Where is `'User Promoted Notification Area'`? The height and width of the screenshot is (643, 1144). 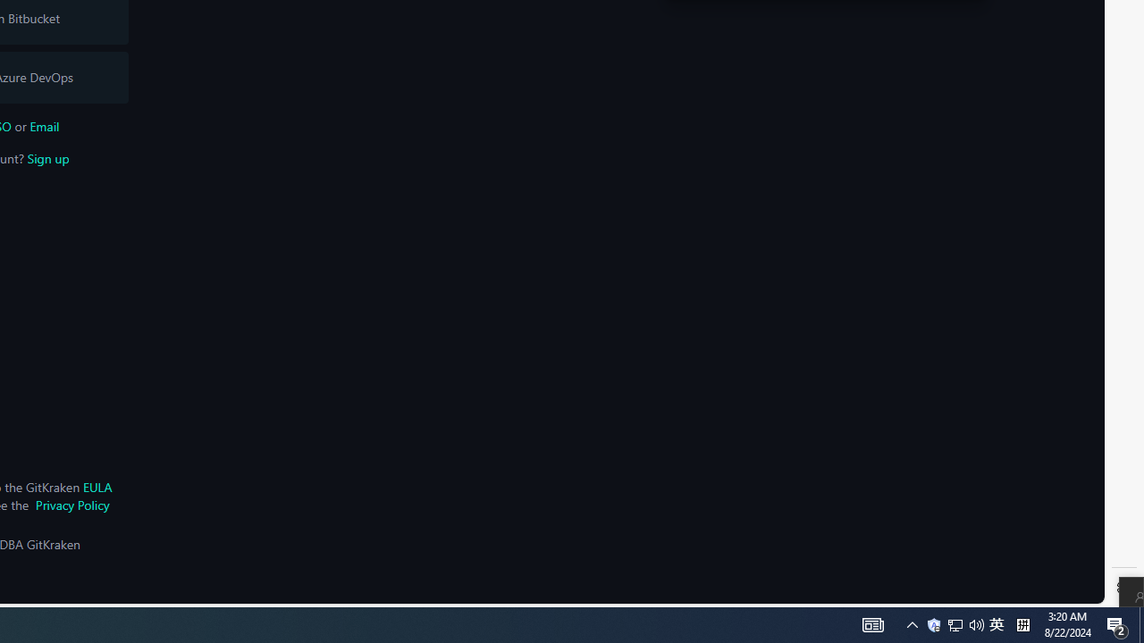 'User Promoted Notification Area' is located at coordinates (964, 623).